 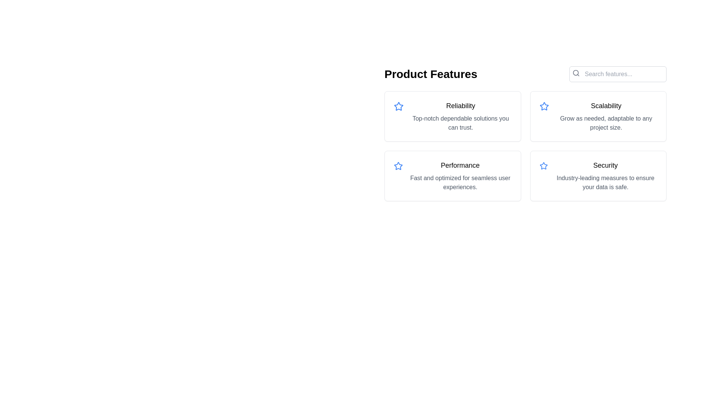 What do you see at coordinates (576, 73) in the screenshot?
I see `the search icon located in the upper right area of the display, which serves as a visual indicator for the search function adjacent to the text box labeled 'Search features...'` at bounding box center [576, 73].